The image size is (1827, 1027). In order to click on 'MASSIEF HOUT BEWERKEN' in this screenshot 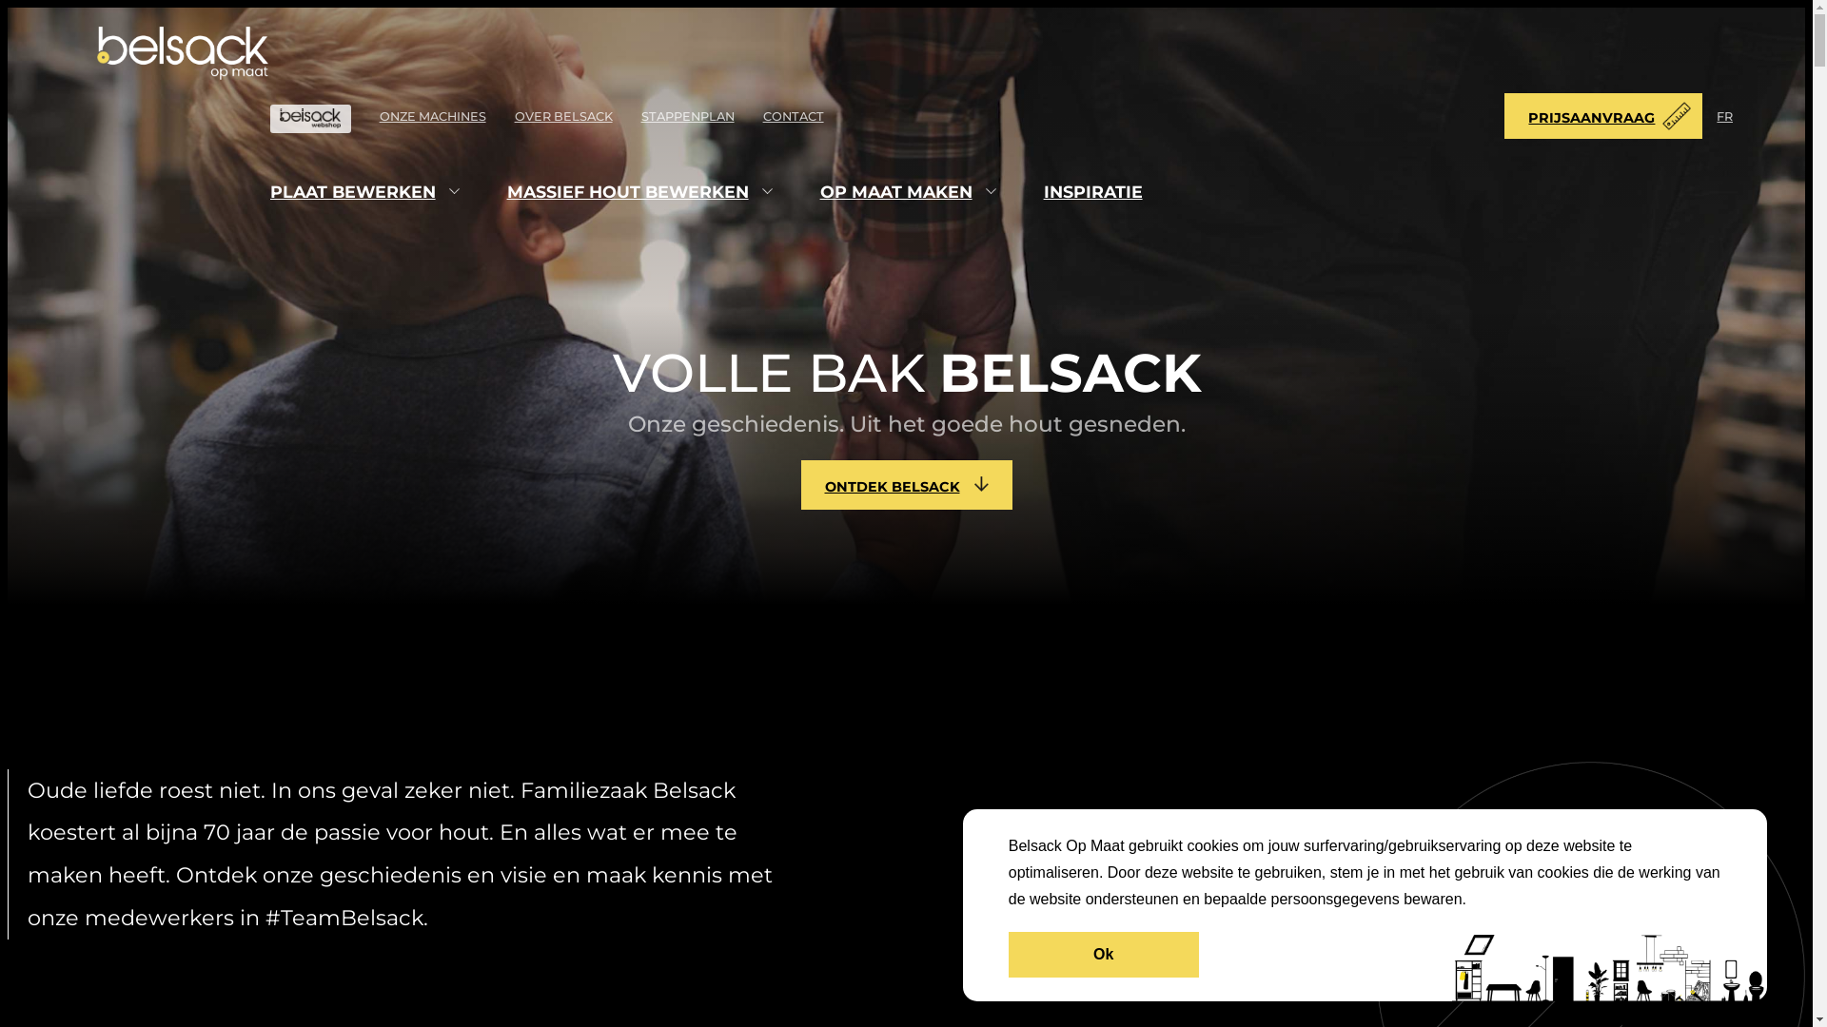, I will do `click(628, 191)`.